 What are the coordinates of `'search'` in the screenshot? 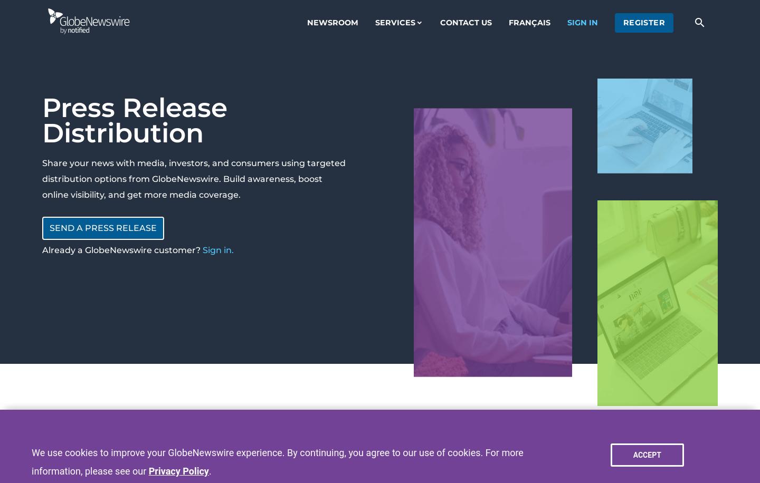 It's located at (699, 22).